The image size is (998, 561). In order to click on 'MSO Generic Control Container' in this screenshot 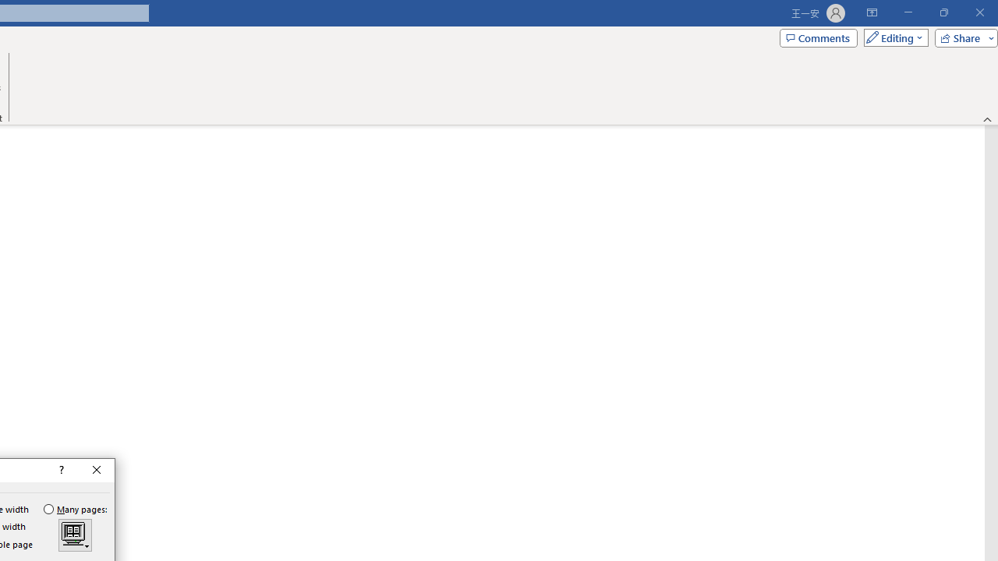, I will do `click(74, 535)`.